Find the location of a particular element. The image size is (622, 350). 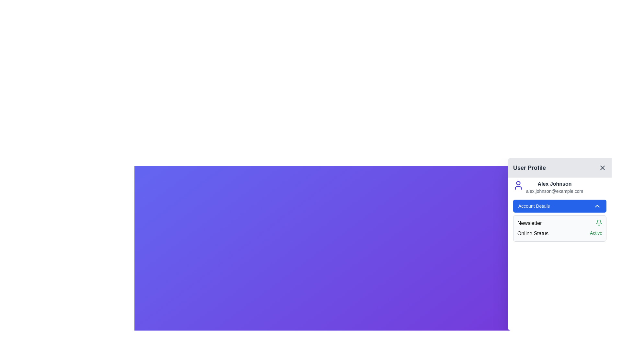

the email address displayed in the user profile panel, which is located beneath the 'User Profile' heading is located at coordinates (559, 187).